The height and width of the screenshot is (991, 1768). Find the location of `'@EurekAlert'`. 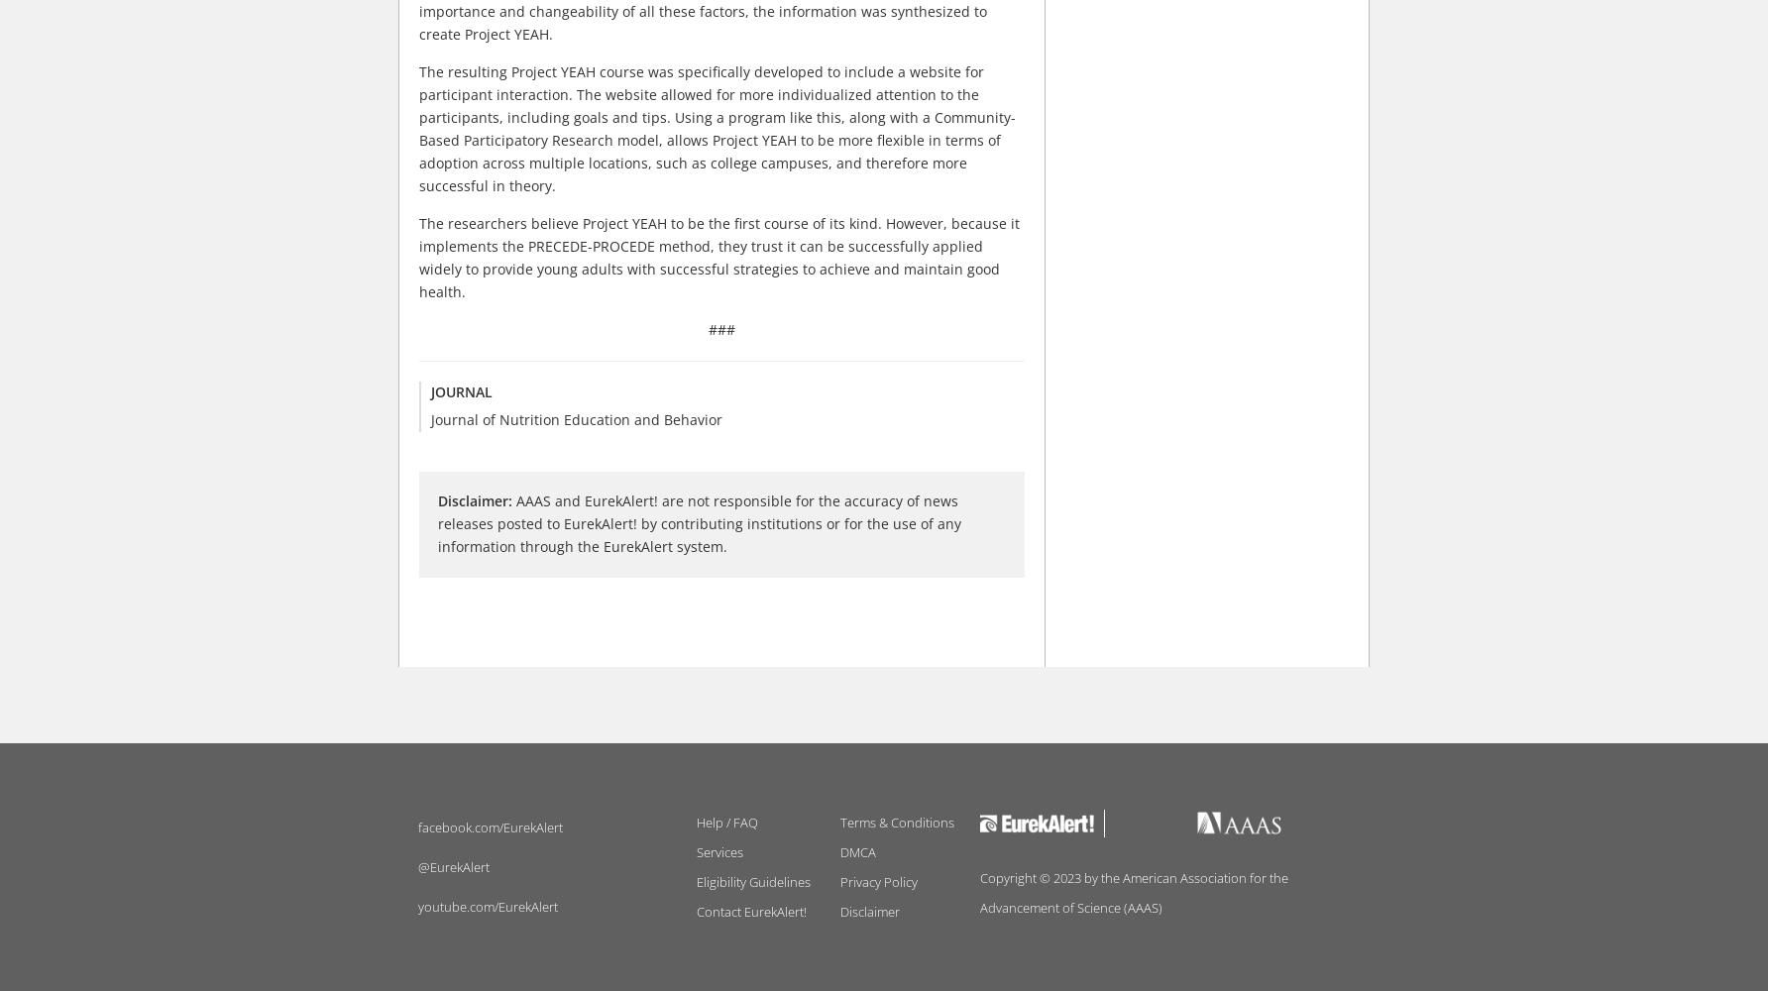

'@EurekAlert' is located at coordinates (453, 867).